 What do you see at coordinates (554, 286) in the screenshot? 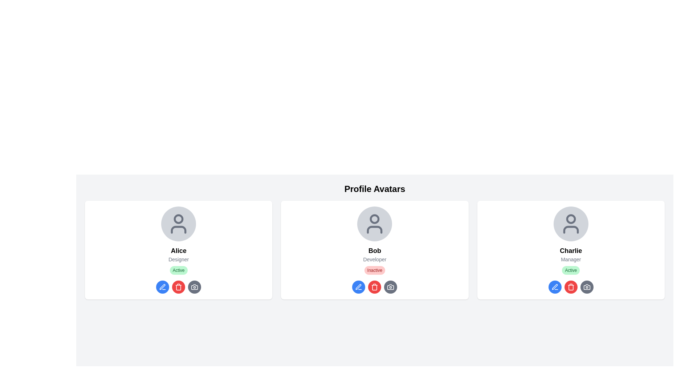
I see `the round, blue button with a white pen icon in the bottom-left of Charlie's user profile to initiate editing` at bounding box center [554, 286].